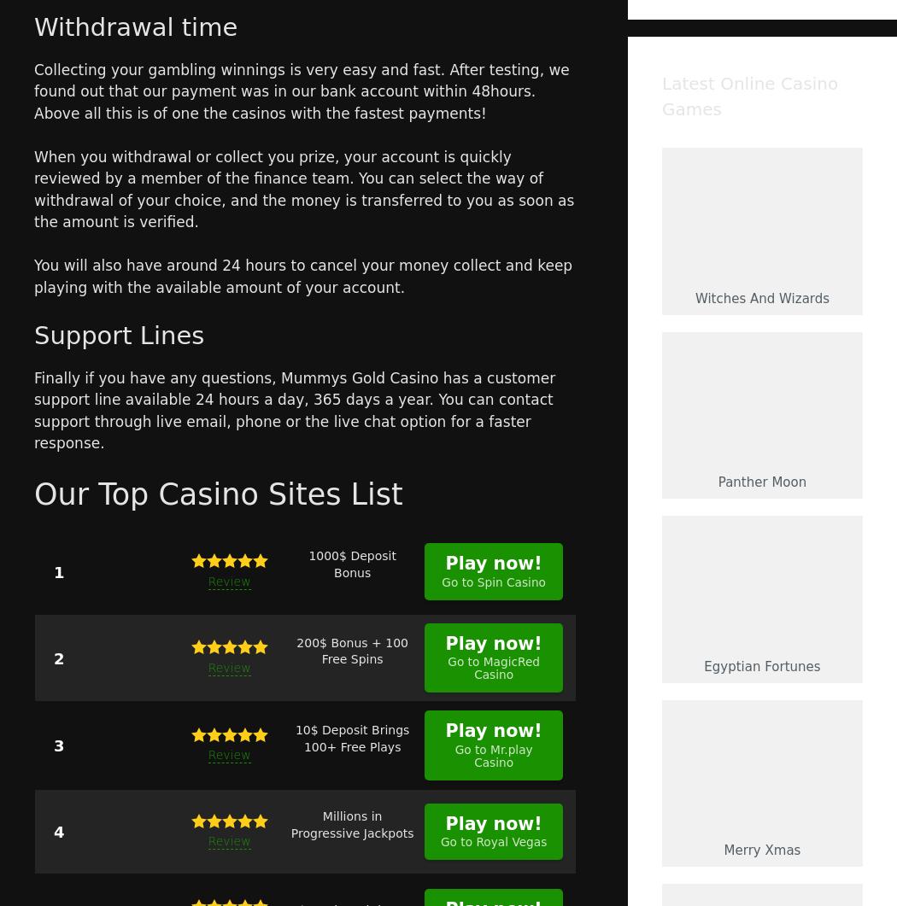 This screenshot has width=897, height=906. I want to click on '200$ Bonus + 100 Free Spins', so click(296, 651).